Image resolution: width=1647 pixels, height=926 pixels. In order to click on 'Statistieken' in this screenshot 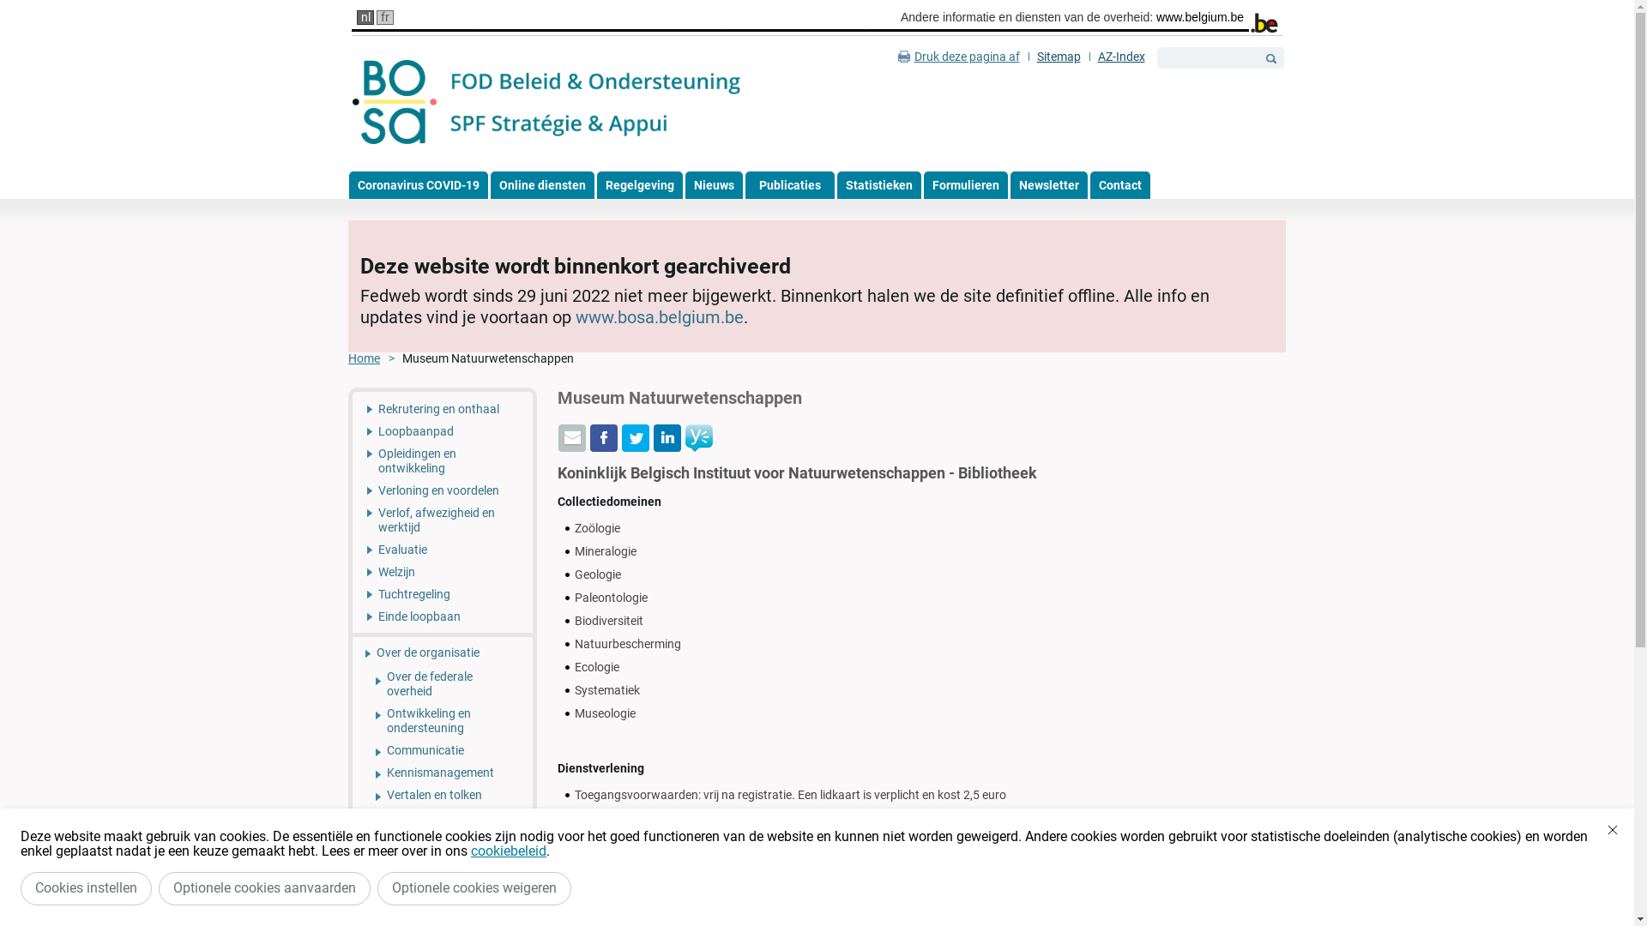, I will do `click(879, 185)`.